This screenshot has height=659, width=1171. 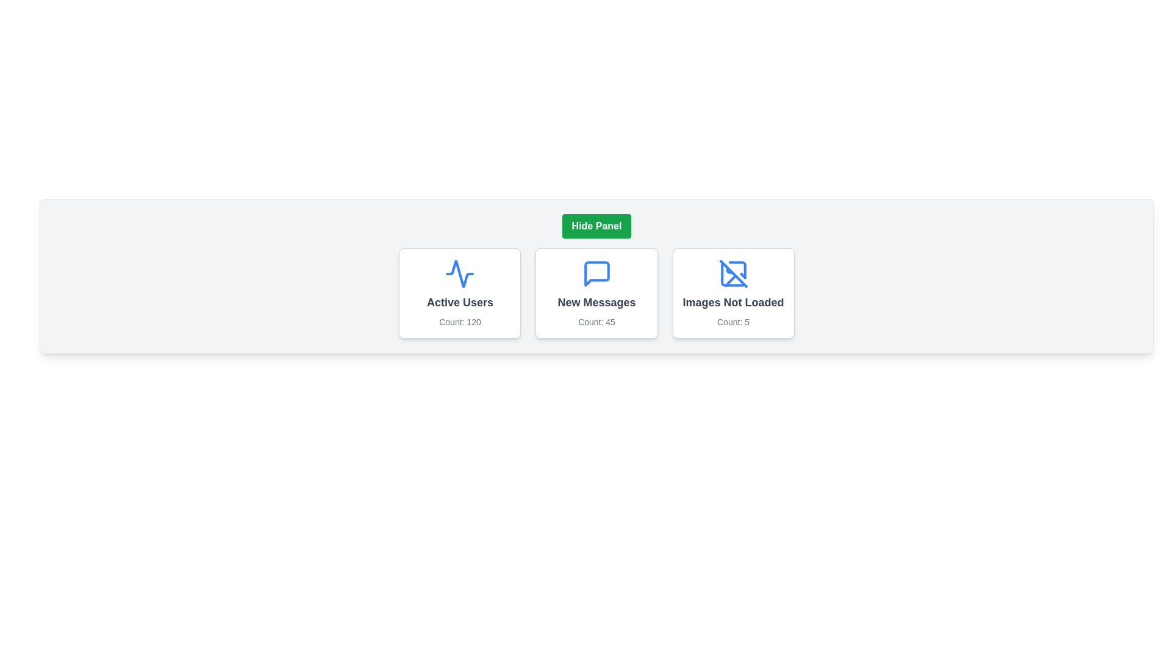 I want to click on information displayed in the small gray text label that shows 'Count: 5', located at the bottom center of the card titled 'Images Not Loaded', so click(x=732, y=322).